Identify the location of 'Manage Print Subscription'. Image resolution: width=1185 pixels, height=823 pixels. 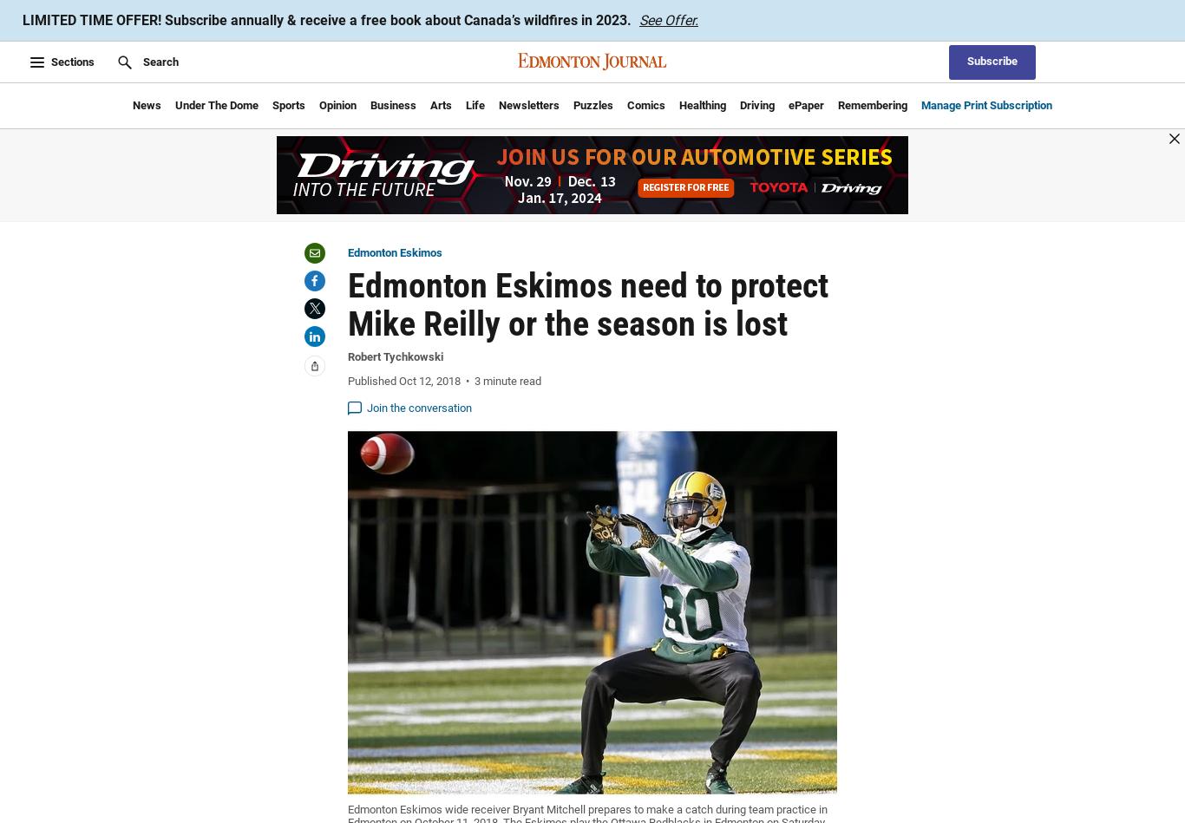
(985, 104).